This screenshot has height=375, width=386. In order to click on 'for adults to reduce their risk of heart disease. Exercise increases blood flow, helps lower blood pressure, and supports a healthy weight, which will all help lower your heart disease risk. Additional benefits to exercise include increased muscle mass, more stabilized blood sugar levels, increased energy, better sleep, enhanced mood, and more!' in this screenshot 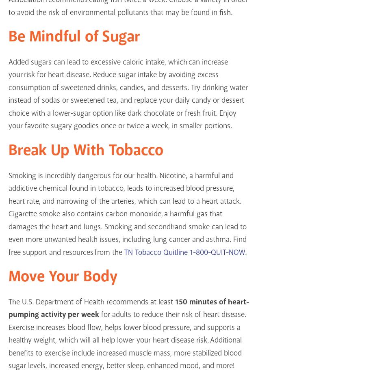, I will do `click(8, 340)`.